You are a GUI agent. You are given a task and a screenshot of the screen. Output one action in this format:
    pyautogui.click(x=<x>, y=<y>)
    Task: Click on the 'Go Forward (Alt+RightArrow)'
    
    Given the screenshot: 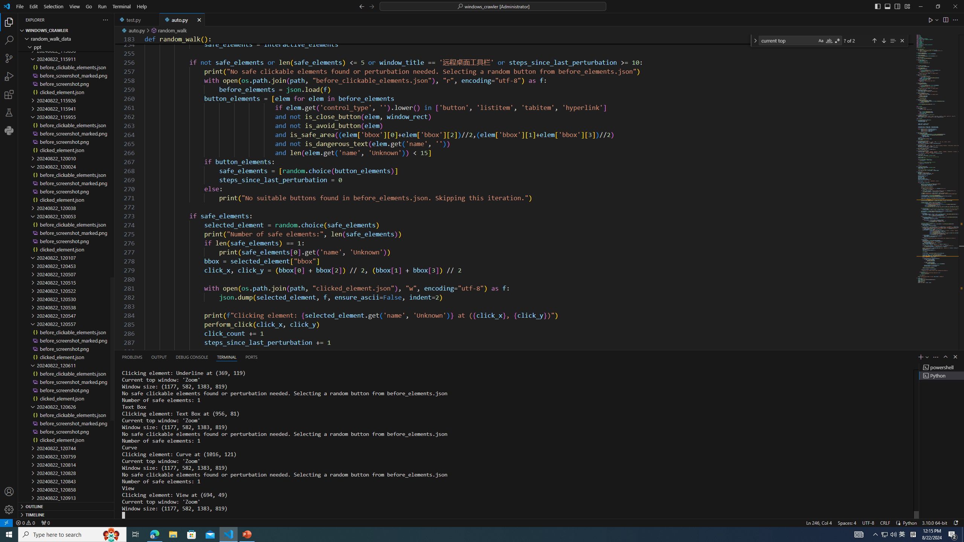 What is the action you would take?
    pyautogui.click(x=371, y=6)
    